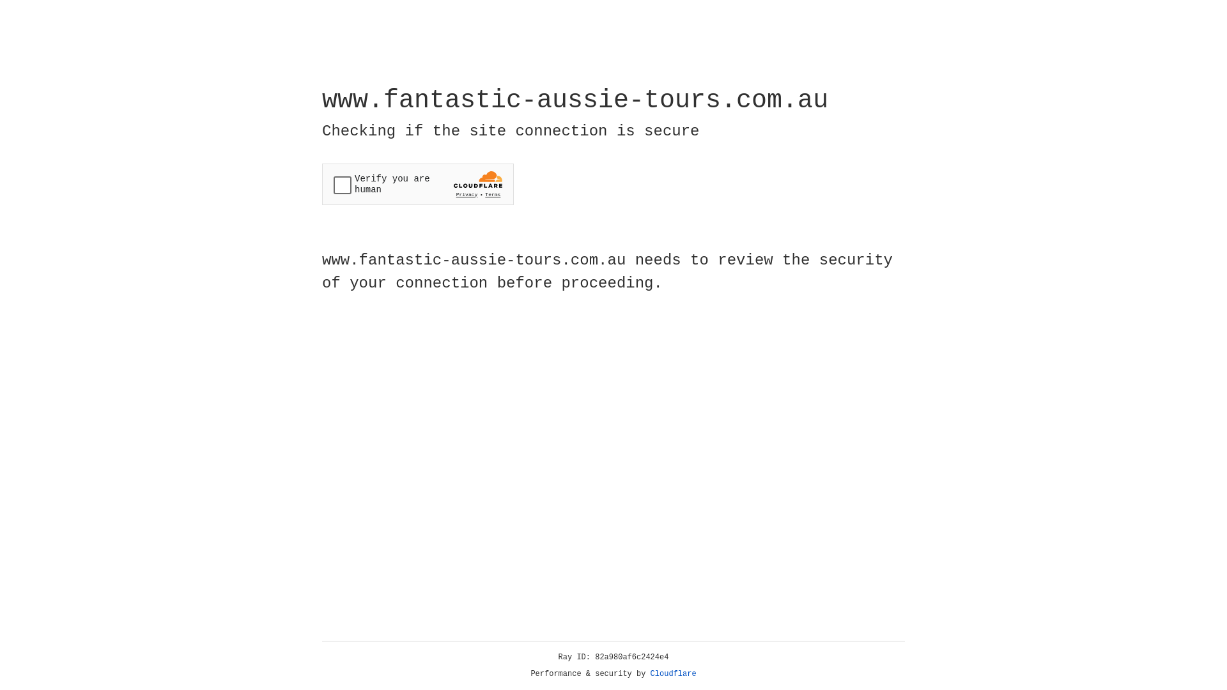 The width and height of the screenshot is (1227, 690). What do you see at coordinates (673, 673) in the screenshot?
I see `'Cloudflare'` at bounding box center [673, 673].